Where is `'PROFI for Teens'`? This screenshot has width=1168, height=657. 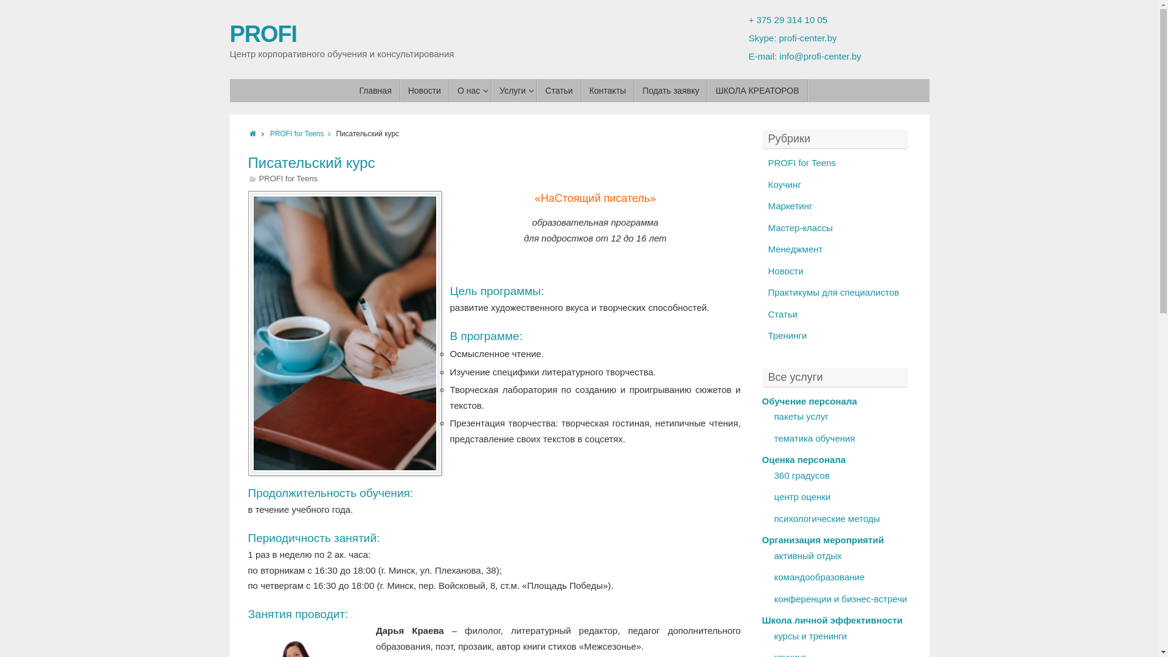 'PROFI for Teens' is located at coordinates (269, 133).